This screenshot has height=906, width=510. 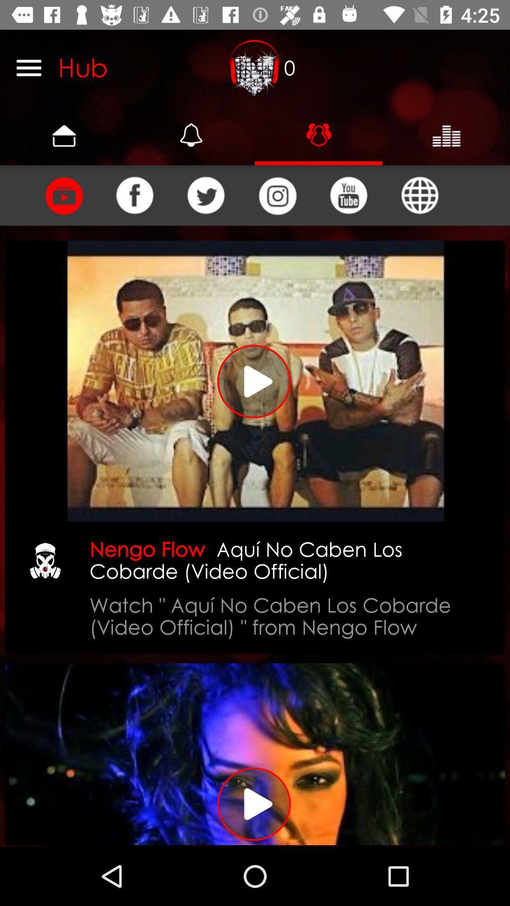 What do you see at coordinates (63, 195) in the screenshot?
I see `the clip of any song` at bounding box center [63, 195].